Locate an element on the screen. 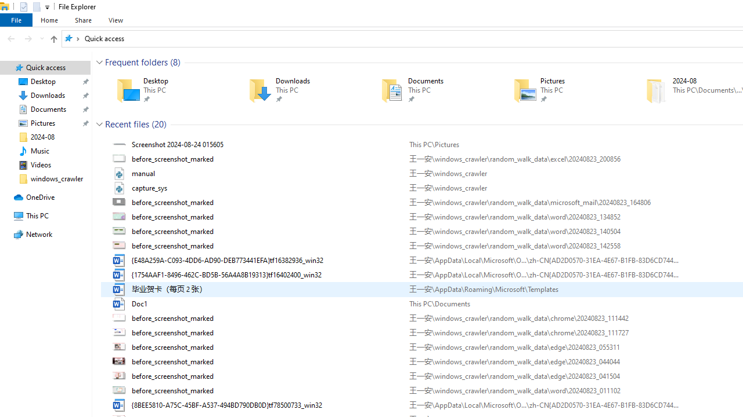  'Quick Access Toolbar' is located at coordinates (30, 6).